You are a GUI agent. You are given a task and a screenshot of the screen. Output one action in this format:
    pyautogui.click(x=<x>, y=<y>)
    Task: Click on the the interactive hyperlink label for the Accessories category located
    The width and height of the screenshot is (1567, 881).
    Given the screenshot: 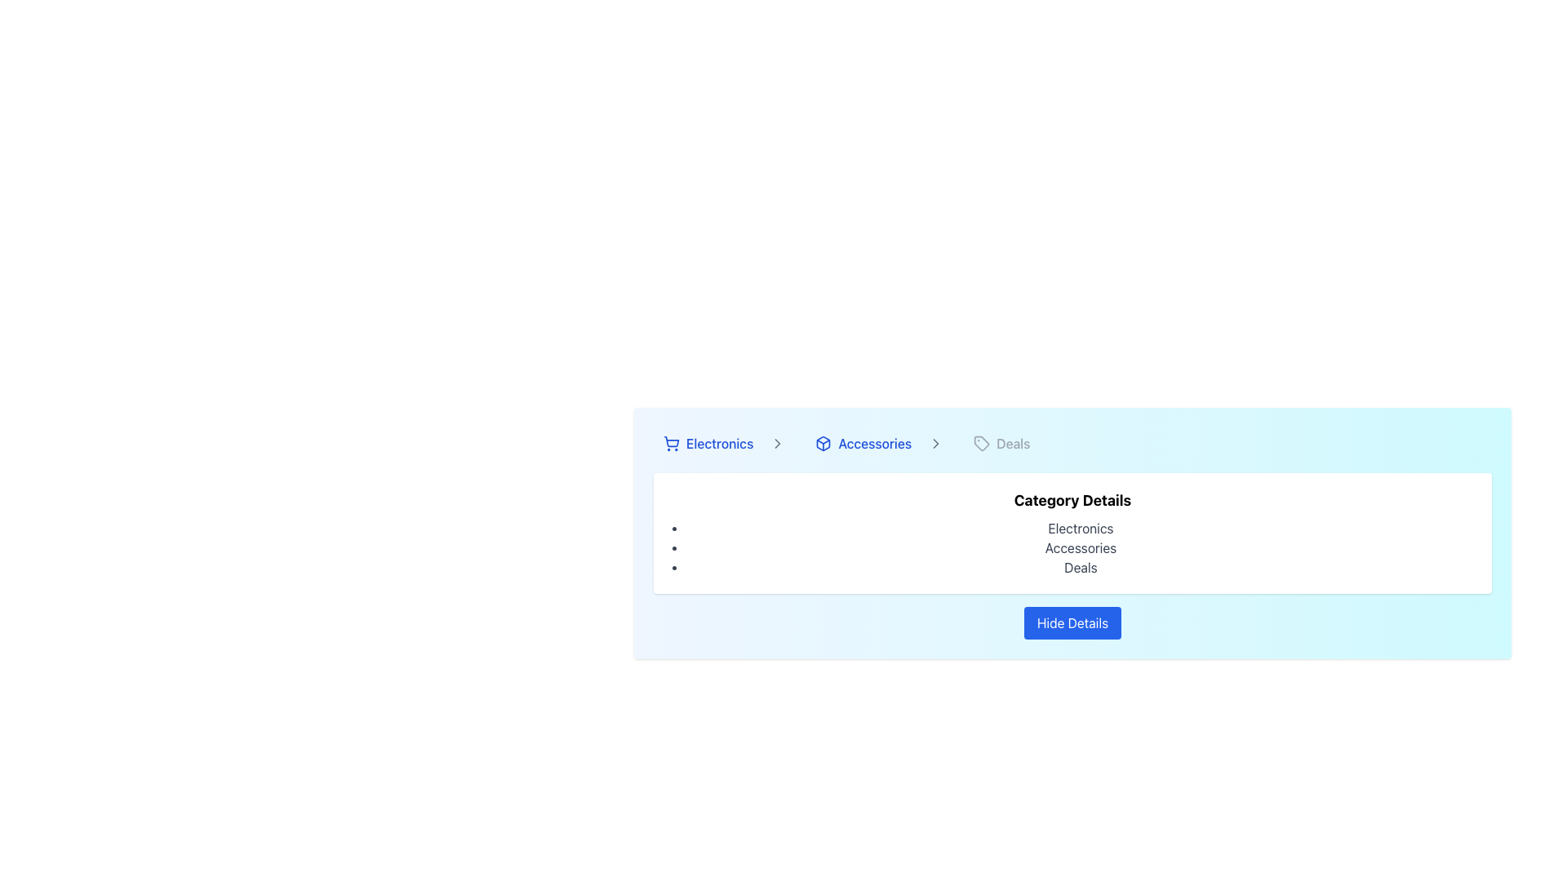 What is the action you would take?
    pyautogui.click(x=862, y=443)
    